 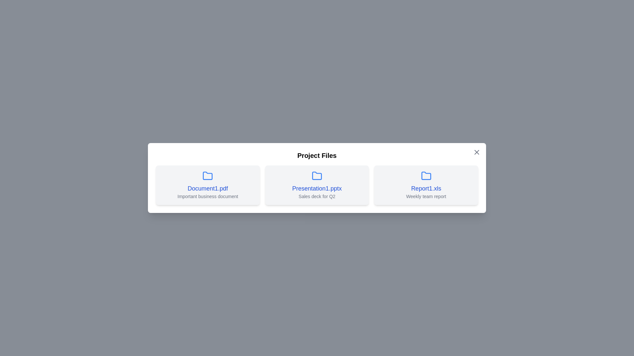 I want to click on close button located at the top-right corner of the dialog, so click(x=477, y=152).